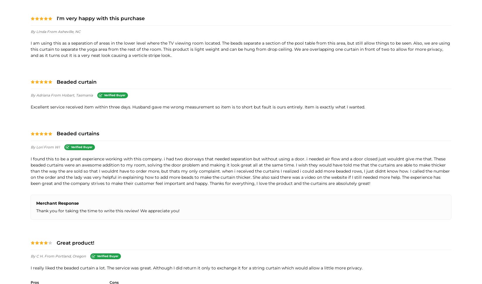 The height and width of the screenshot is (284, 482). Describe the element at coordinates (196, 267) in the screenshot. I see `'I really liked the beaded curtain a lot. The service was great. Although I did return it only to exchange it for a string curtain which would allow a little more privacy.'` at that location.